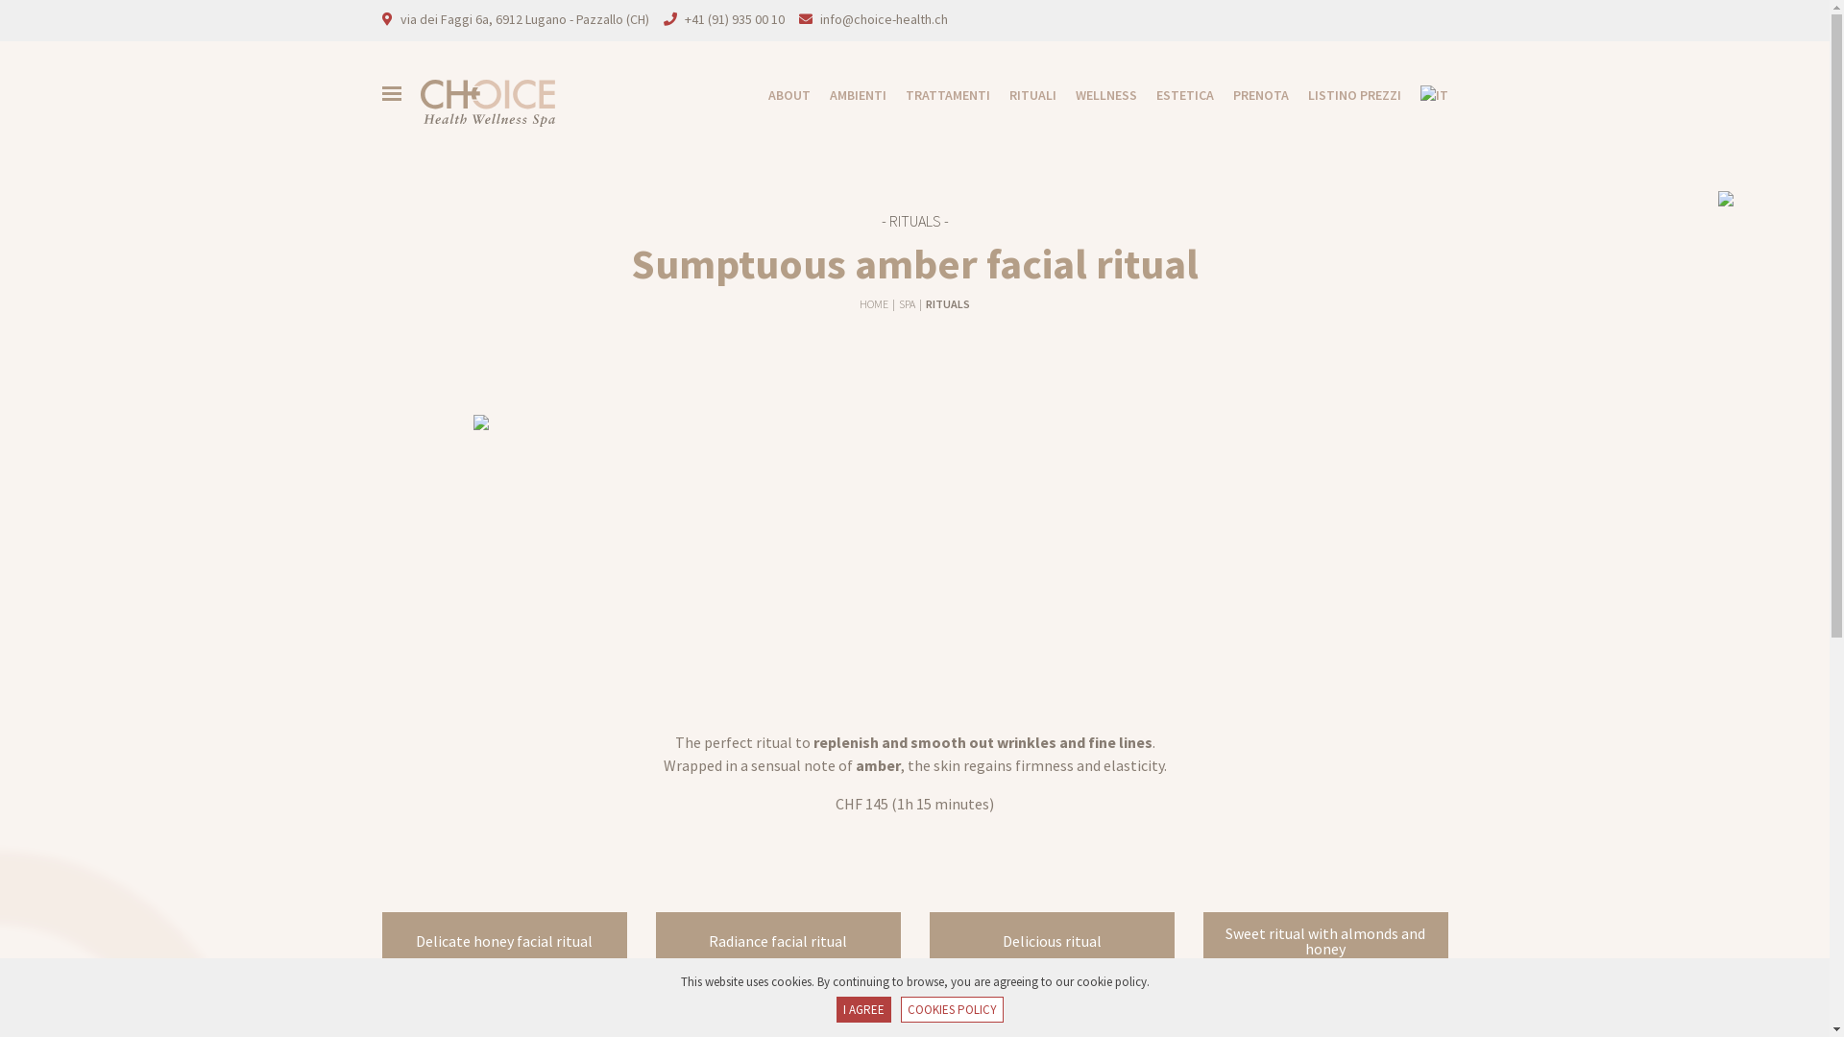 The width and height of the screenshot is (1844, 1037). What do you see at coordinates (948, 302) in the screenshot?
I see `'RITUALS'` at bounding box center [948, 302].